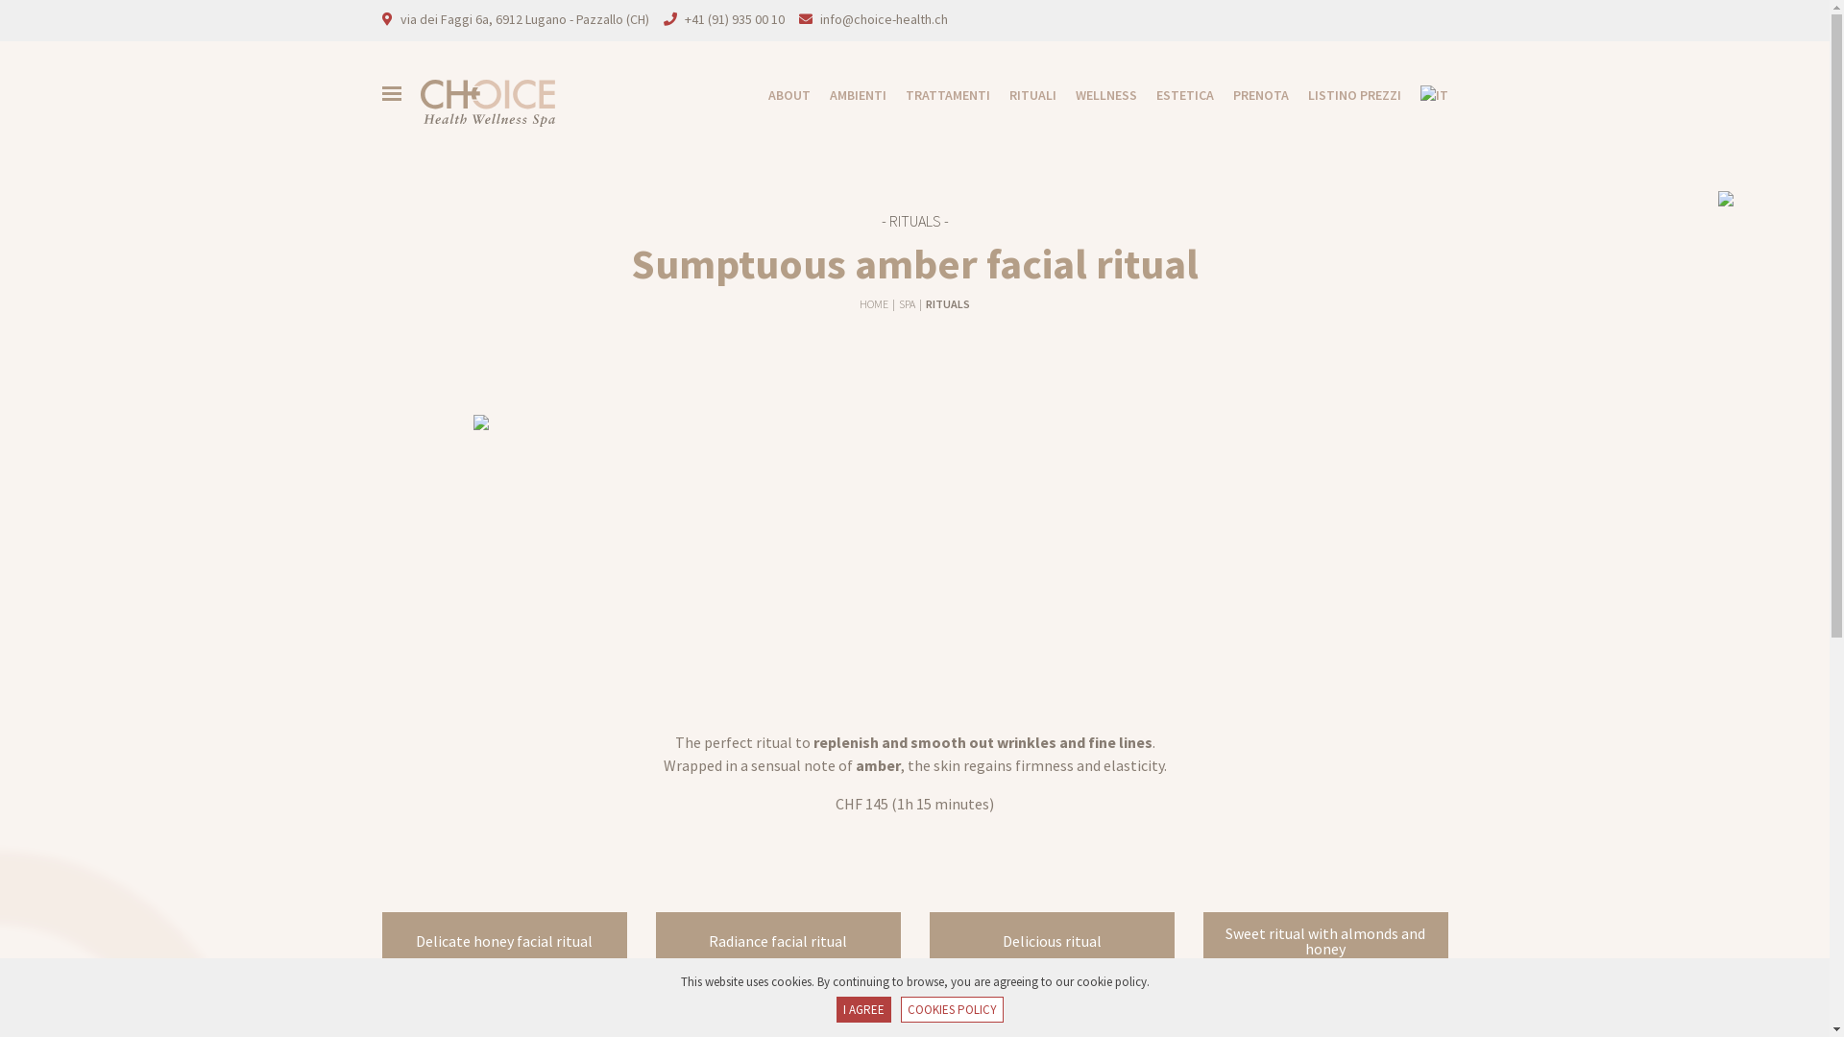 The width and height of the screenshot is (1844, 1037). What do you see at coordinates (948, 302) in the screenshot?
I see `'RITUALS'` at bounding box center [948, 302].